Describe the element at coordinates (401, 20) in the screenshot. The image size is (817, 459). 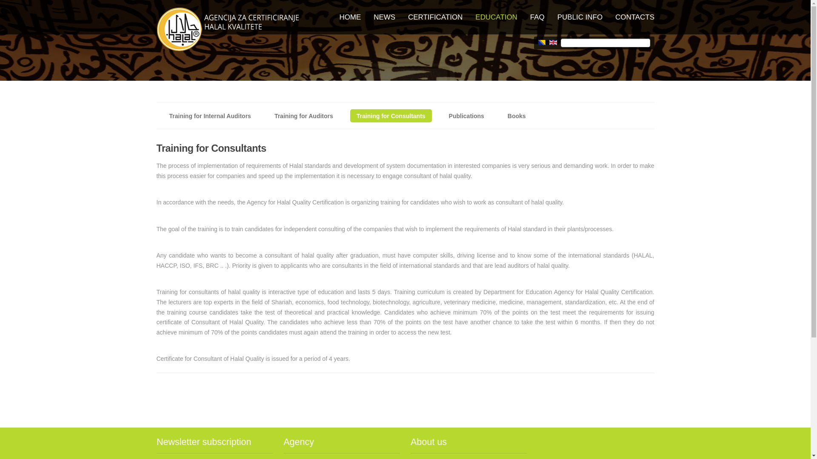
I see `'CERTIFICATION'` at that location.